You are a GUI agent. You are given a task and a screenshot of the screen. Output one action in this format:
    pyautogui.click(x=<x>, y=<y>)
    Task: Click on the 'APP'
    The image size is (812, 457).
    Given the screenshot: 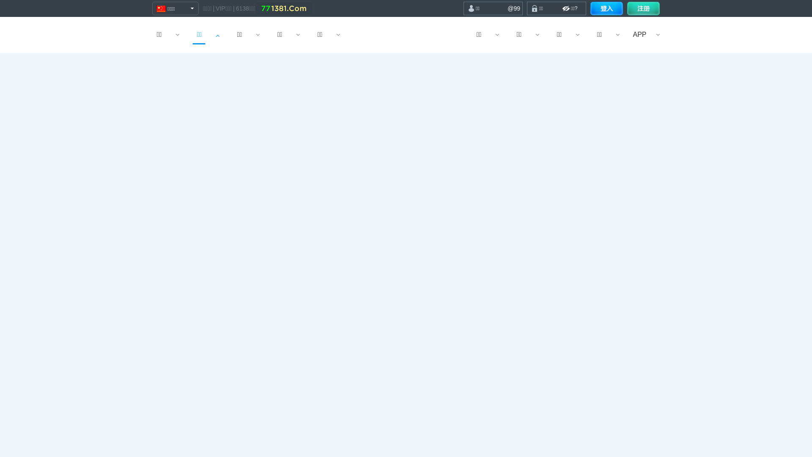 What is the action you would take?
    pyautogui.click(x=639, y=34)
    